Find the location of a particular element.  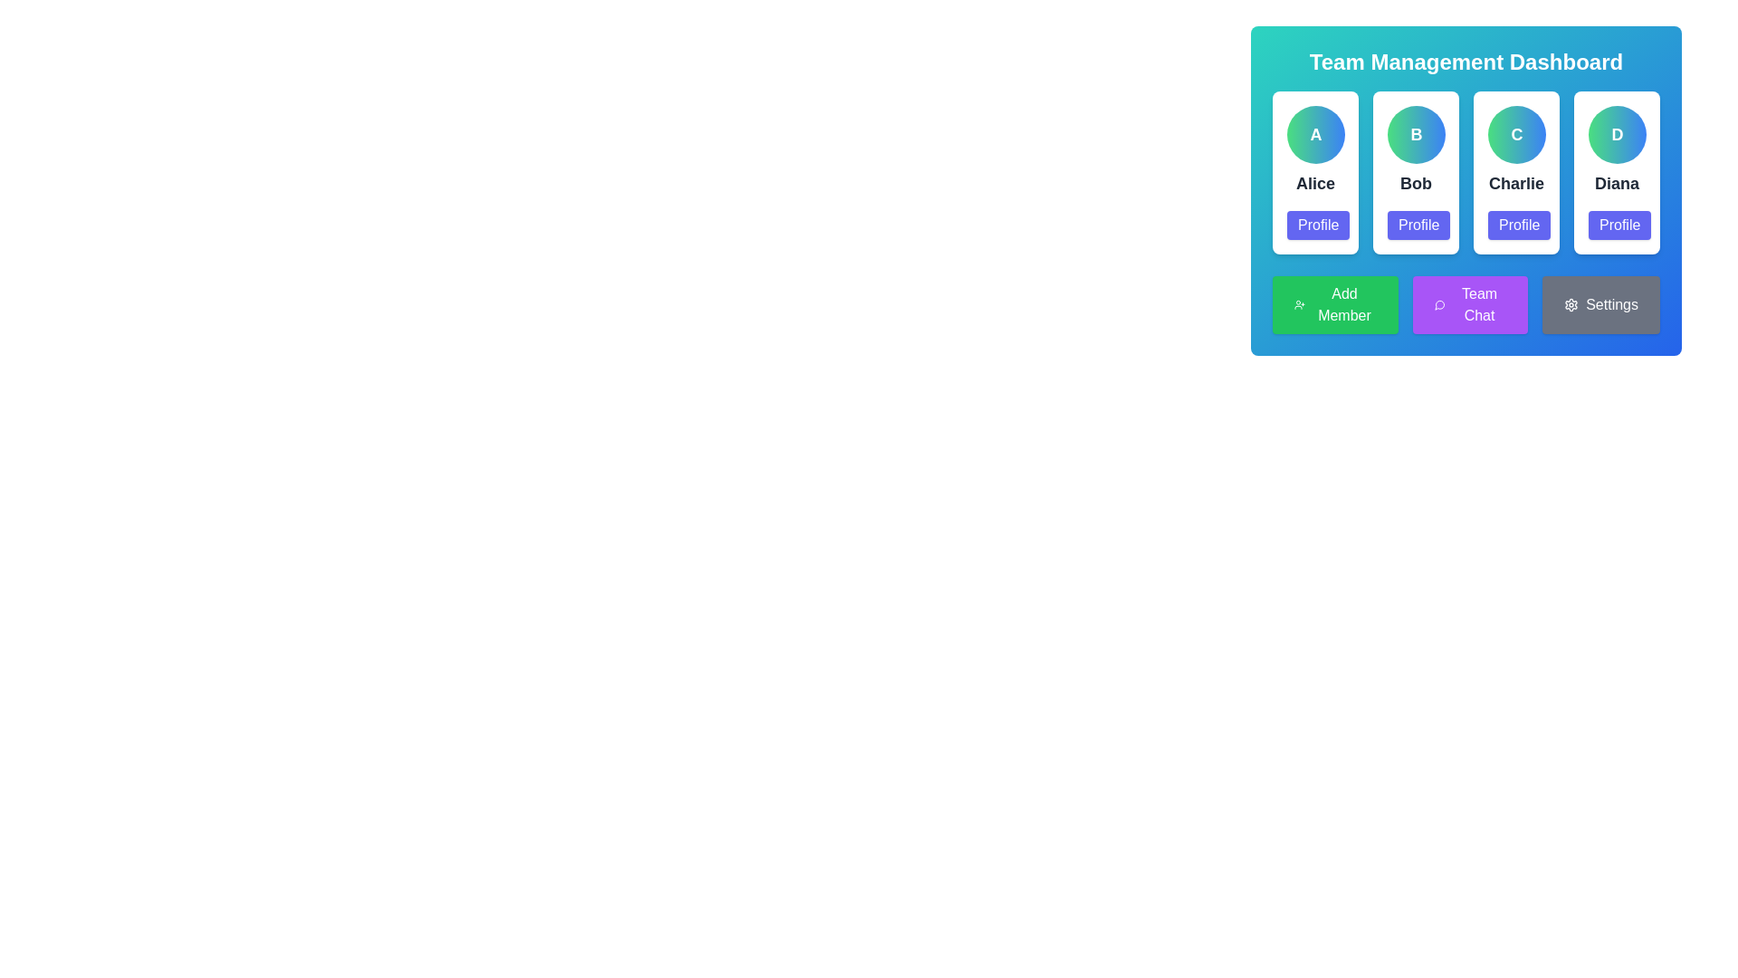

the 'Settings' icon located in the bottom-right part of the dashboard interface is located at coordinates (1571, 303).